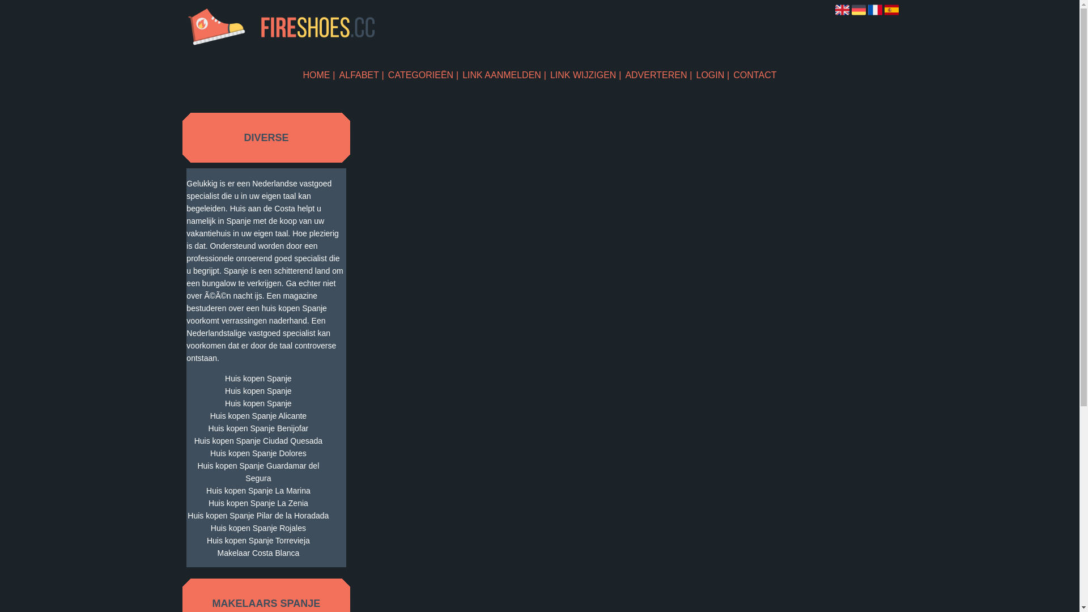 This screenshot has width=1088, height=612. Describe the element at coordinates (257, 415) in the screenshot. I see `'Huis kopen Spanje Alicante'` at that location.